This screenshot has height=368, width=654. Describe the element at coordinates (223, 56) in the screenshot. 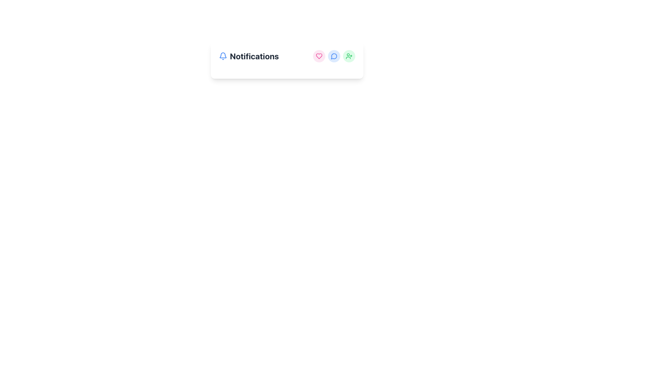

I see `the bell icon for notifications` at that location.